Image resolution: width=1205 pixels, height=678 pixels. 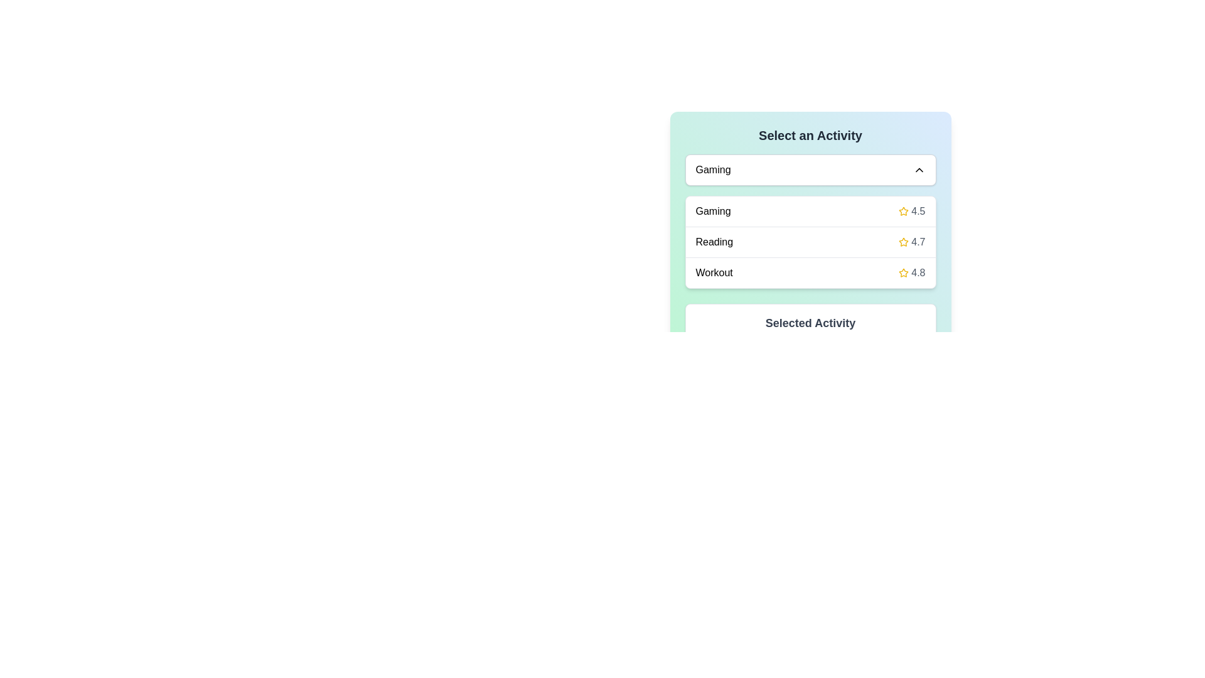 What do you see at coordinates (810, 242) in the screenshot?
I see `the second list item labeled 'Reading' with a rating of 4.7` at bounding box center [810, 242].